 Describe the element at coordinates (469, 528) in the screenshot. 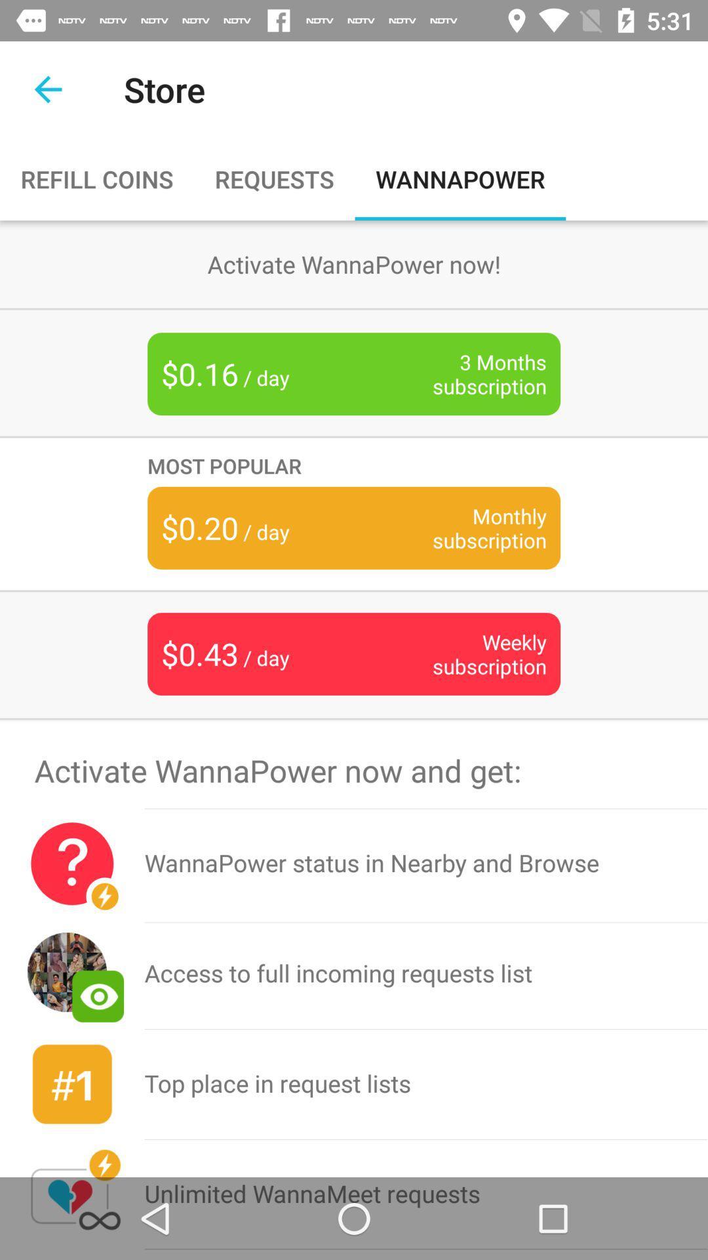

I see `the icon above the weekly subscription item` at that location.